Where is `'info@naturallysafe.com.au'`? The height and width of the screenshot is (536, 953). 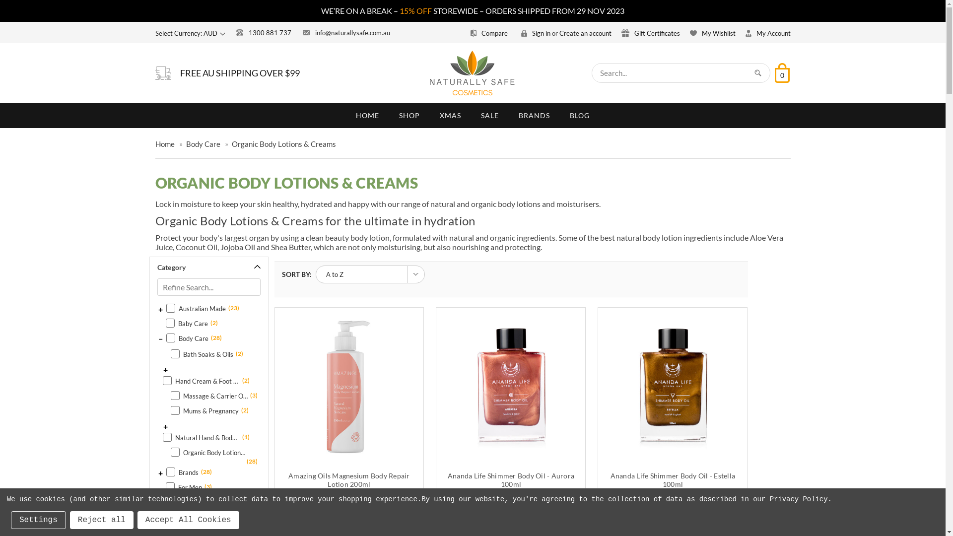 'info@naturallysafe.com.au' is located at coordinates (346, 32).